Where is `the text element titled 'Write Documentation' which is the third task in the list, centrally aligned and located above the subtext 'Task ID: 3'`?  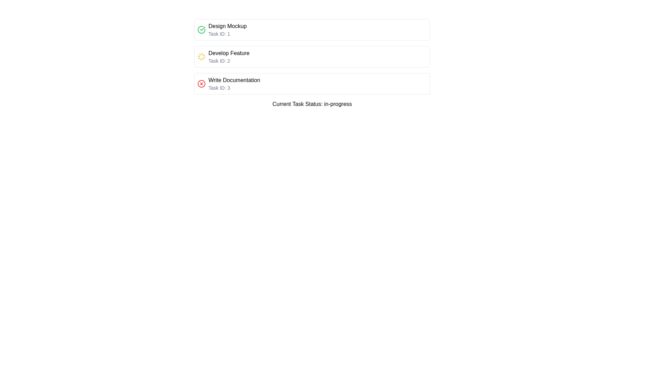
the text element titled 'Write Documentation' which is the third task in the list, centrally aligned and located above the subtext 'Task ID: 3' is located at coordinates (234, 80).